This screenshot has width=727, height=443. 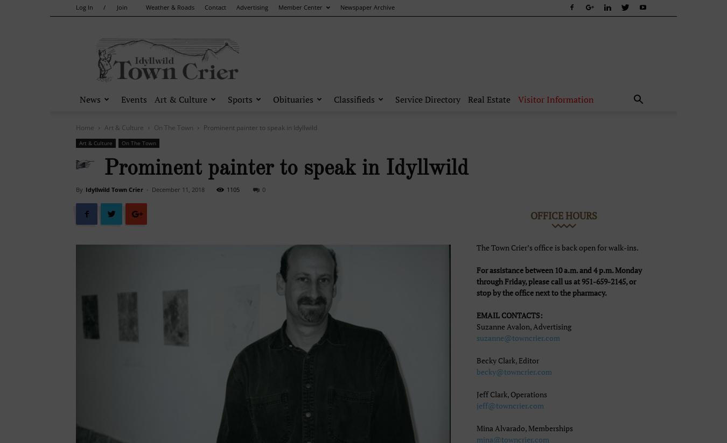 I want to click on 'Home', so click(x=85, y=127).